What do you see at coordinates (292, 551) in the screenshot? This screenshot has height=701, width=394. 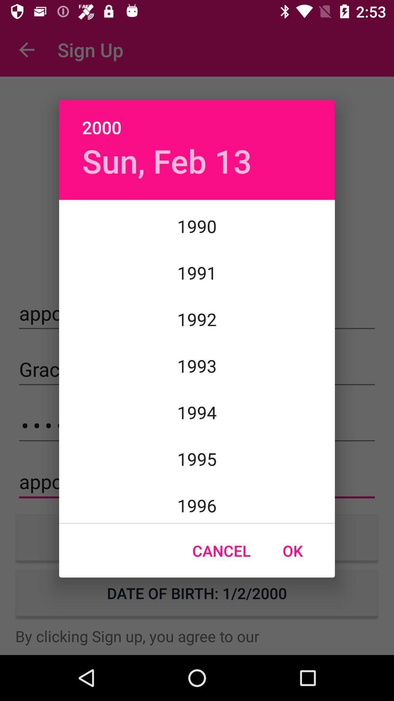 I see `the icon to the right of cancel item` at bounding box center [292, 551].